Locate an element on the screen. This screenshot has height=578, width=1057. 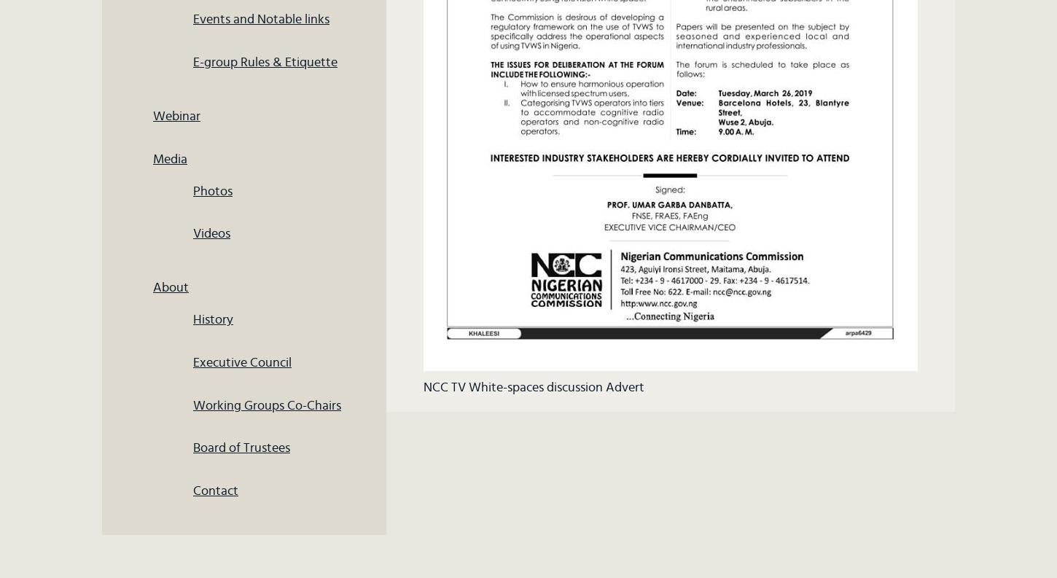
'Contact' is located at coordinates (215, 491).